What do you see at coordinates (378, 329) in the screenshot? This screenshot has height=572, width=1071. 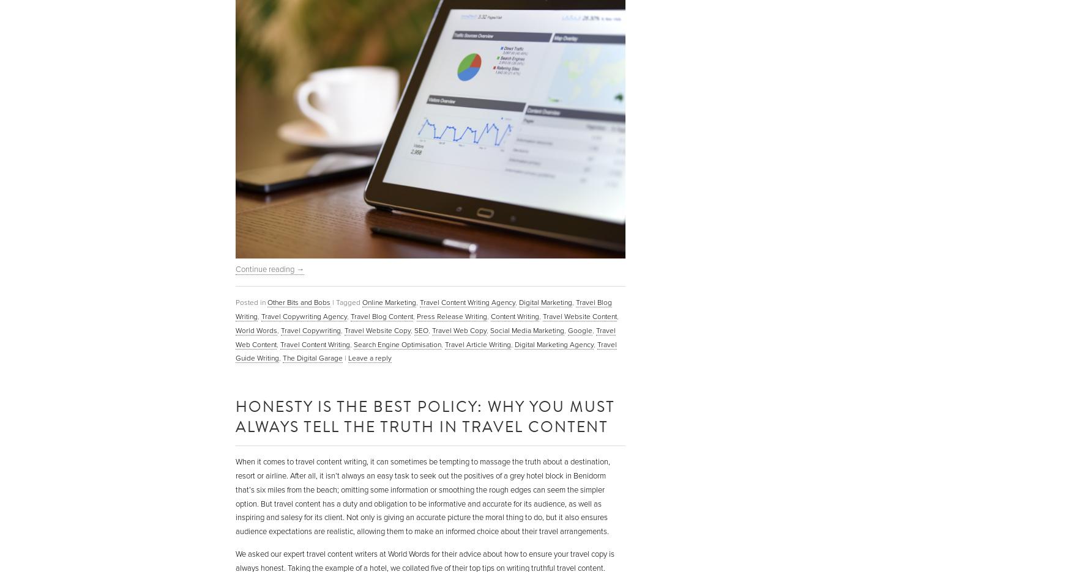 I see `'Travel Website Copy'` at bounding box center [378, 329].